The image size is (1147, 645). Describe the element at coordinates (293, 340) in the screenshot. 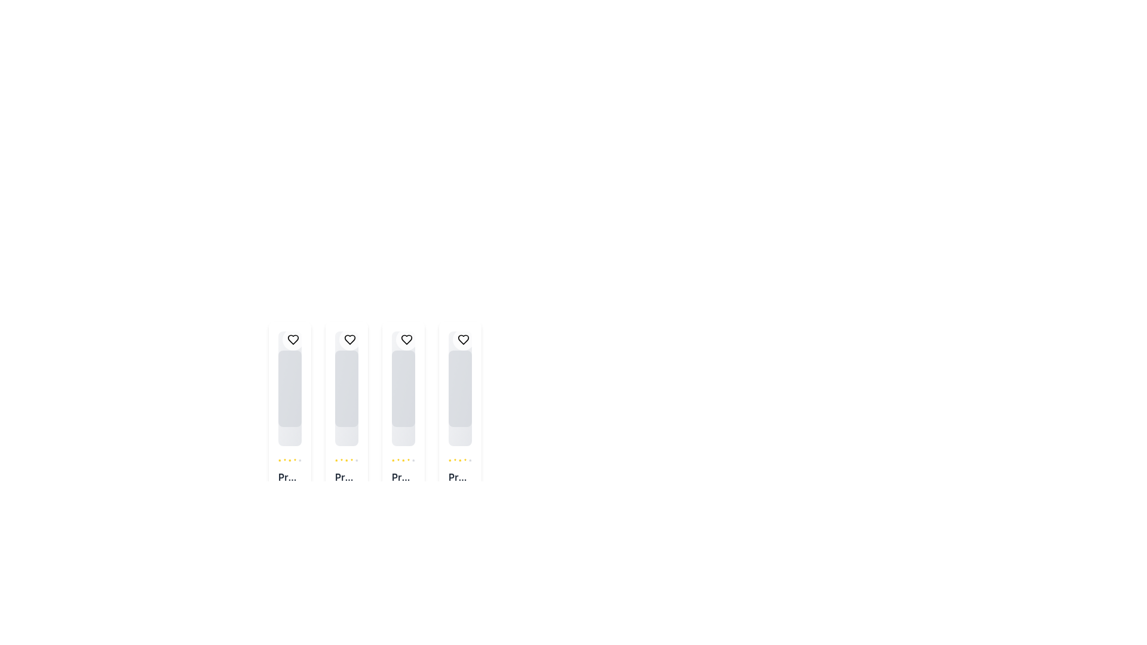

I see `the current state of the heart-shaped icon located at the top of the vertical card layout to determine if it is already favorited` at that location.